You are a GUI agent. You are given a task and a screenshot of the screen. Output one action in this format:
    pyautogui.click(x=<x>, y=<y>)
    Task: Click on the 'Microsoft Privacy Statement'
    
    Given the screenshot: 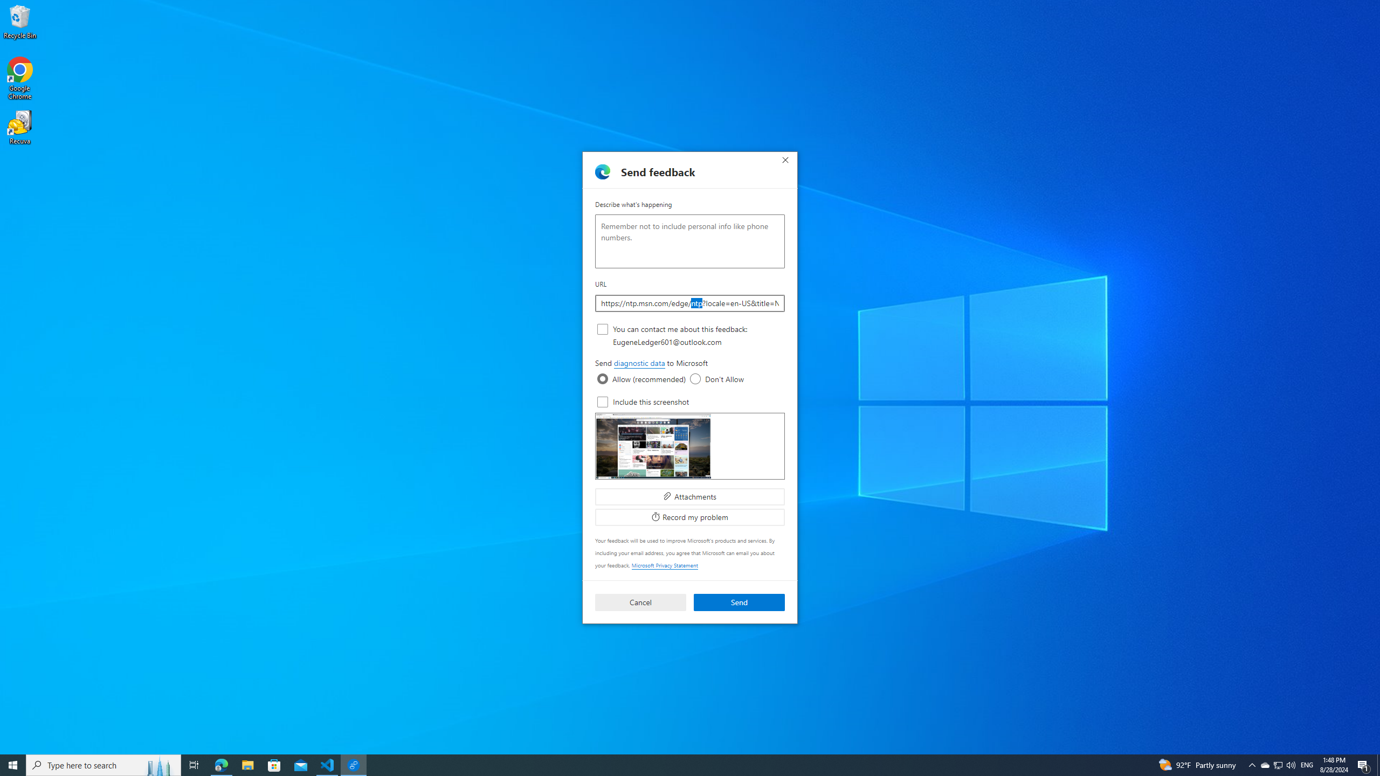 What is the action you would take?
    pyautogui.click(x=664, y=565)
    